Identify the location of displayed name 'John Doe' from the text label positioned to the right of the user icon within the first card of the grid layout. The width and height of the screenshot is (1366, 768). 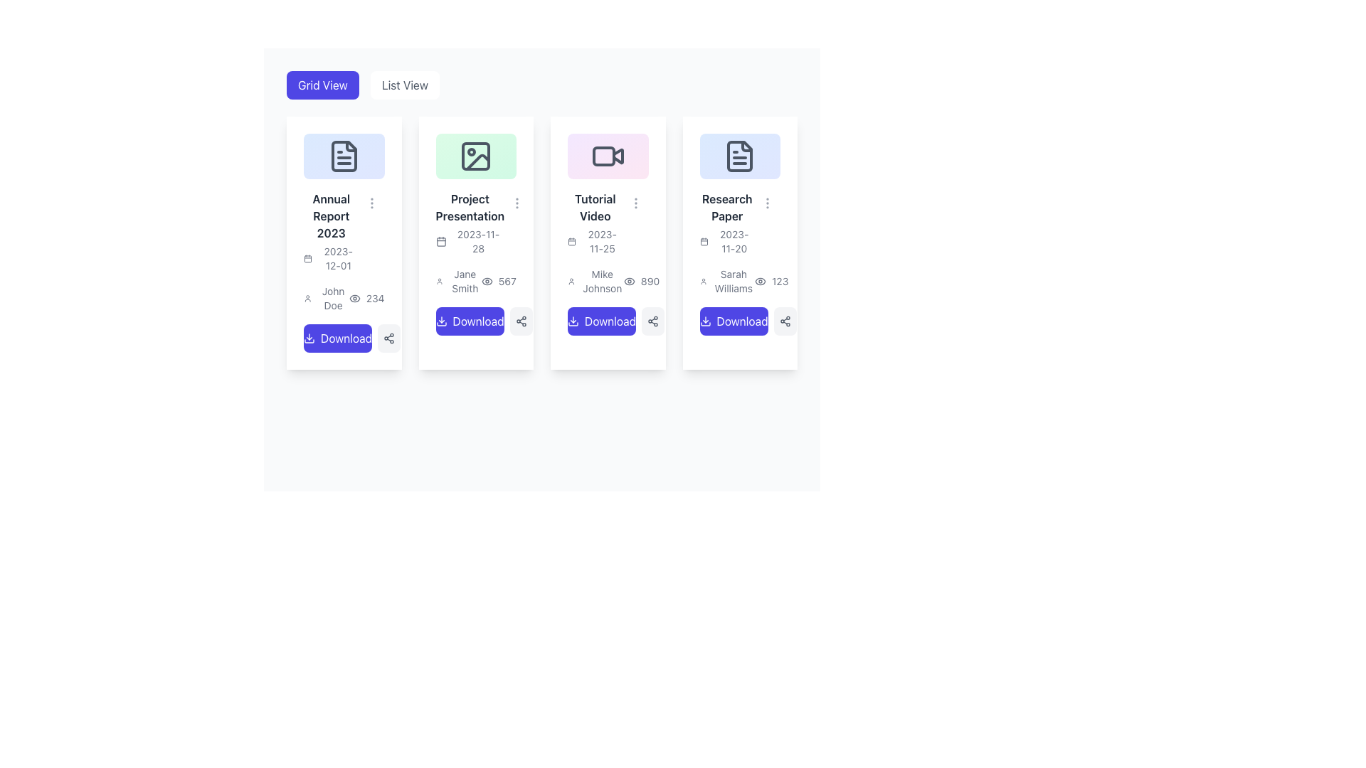
(325, 297).